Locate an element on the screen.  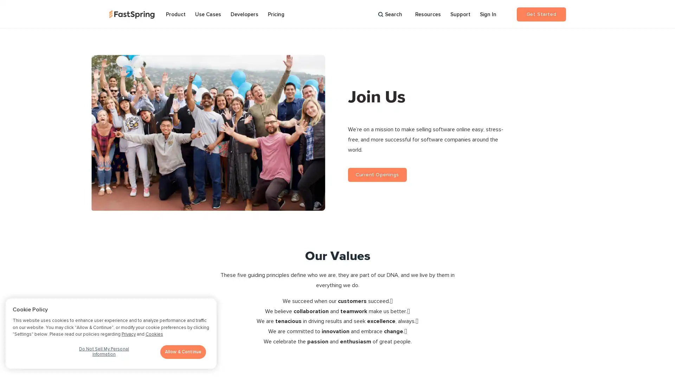
Allow & Continue is located at coordinates (183, 351).